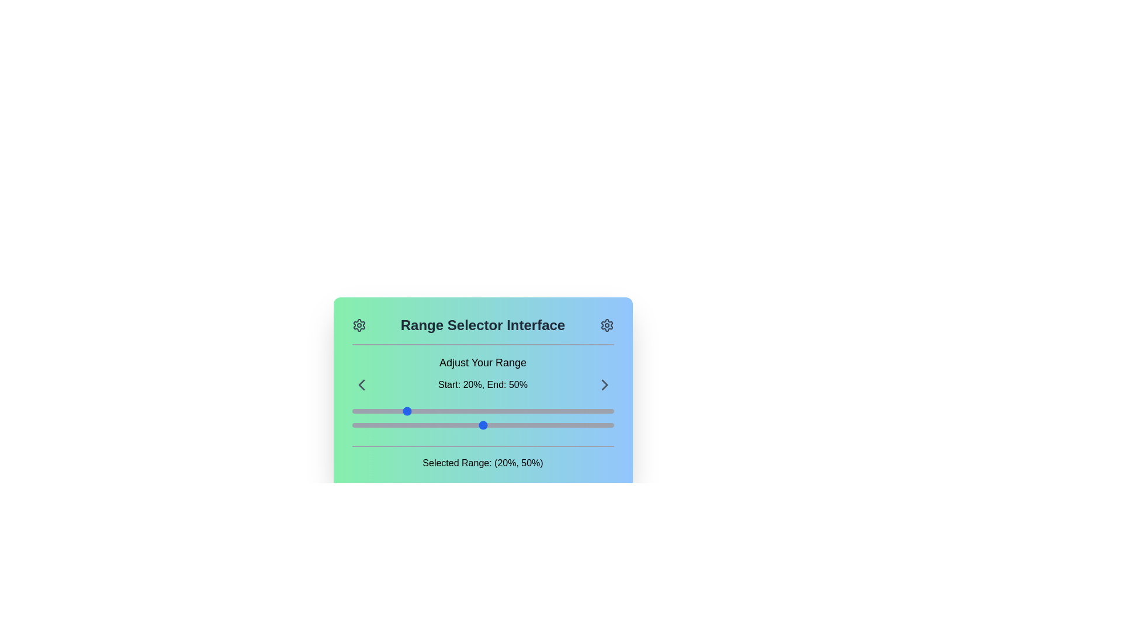 This screenshot has height=631, width=1122. What do you see at coordinates (605, 411) in the screenshot?
I see `the slider` at bounding box center [605, 411].